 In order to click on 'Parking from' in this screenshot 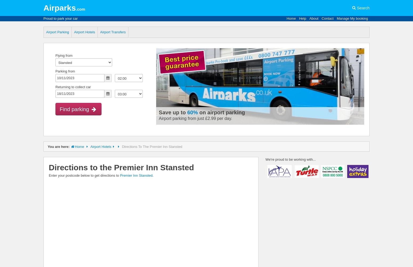, I will do `click(65, 71)`.